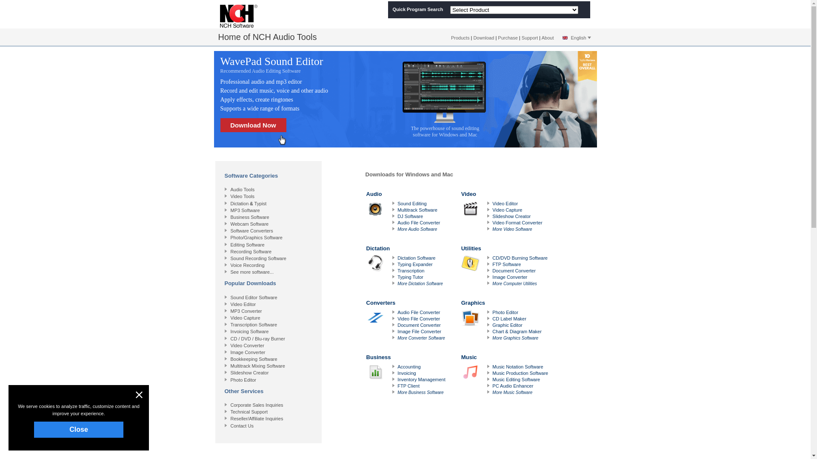 The height and width of the screenshot is (459, 817). What do you see at coordinates (419, 325) in the screenshot?
I see `'Document Converter'` at bounding box center [419, 325].